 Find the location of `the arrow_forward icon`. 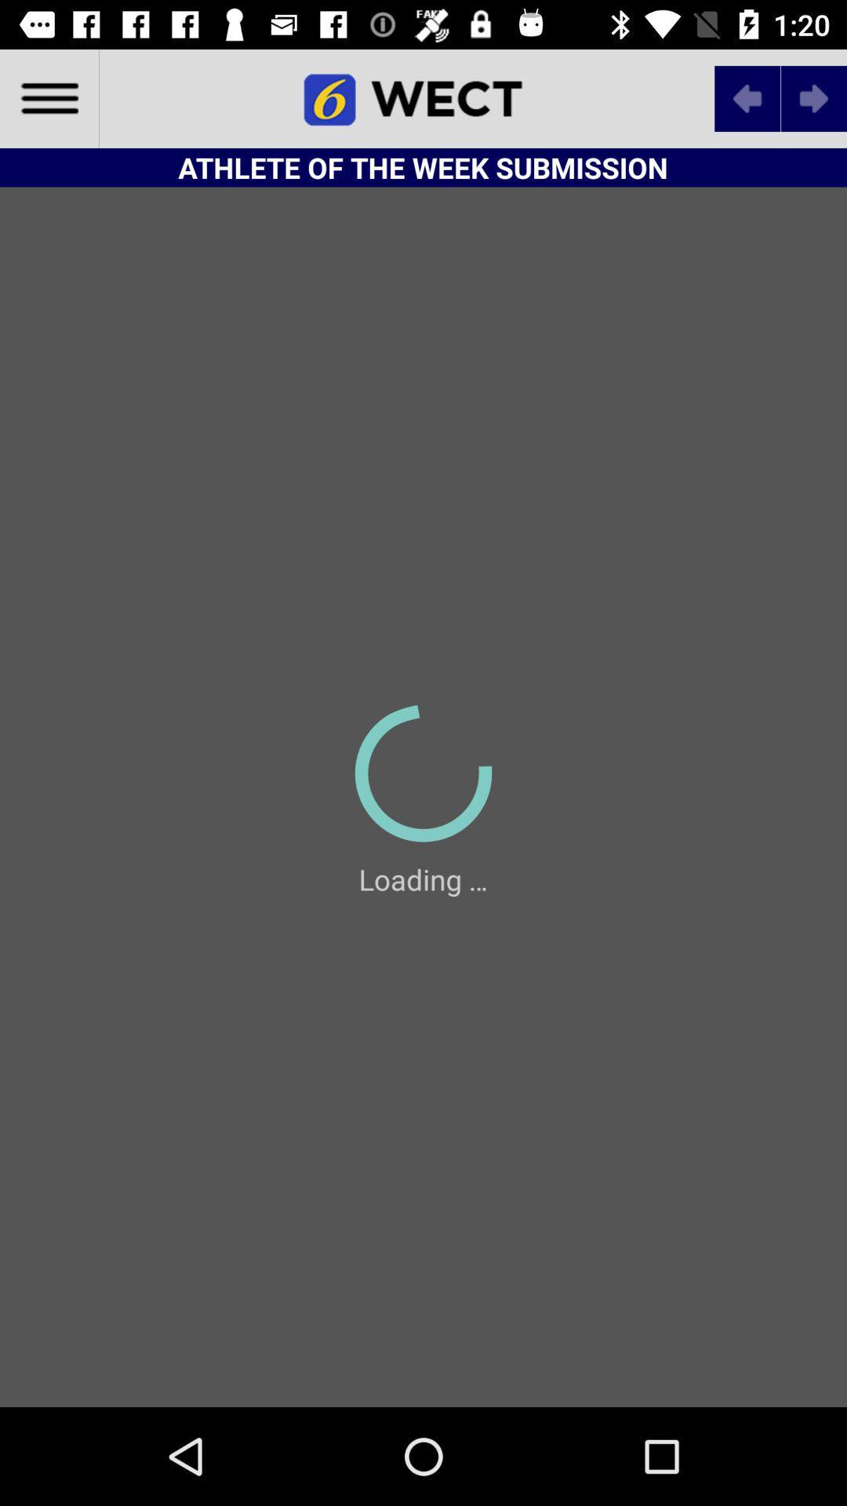

the arrow_forward icon is located at coordinates (812, 97).